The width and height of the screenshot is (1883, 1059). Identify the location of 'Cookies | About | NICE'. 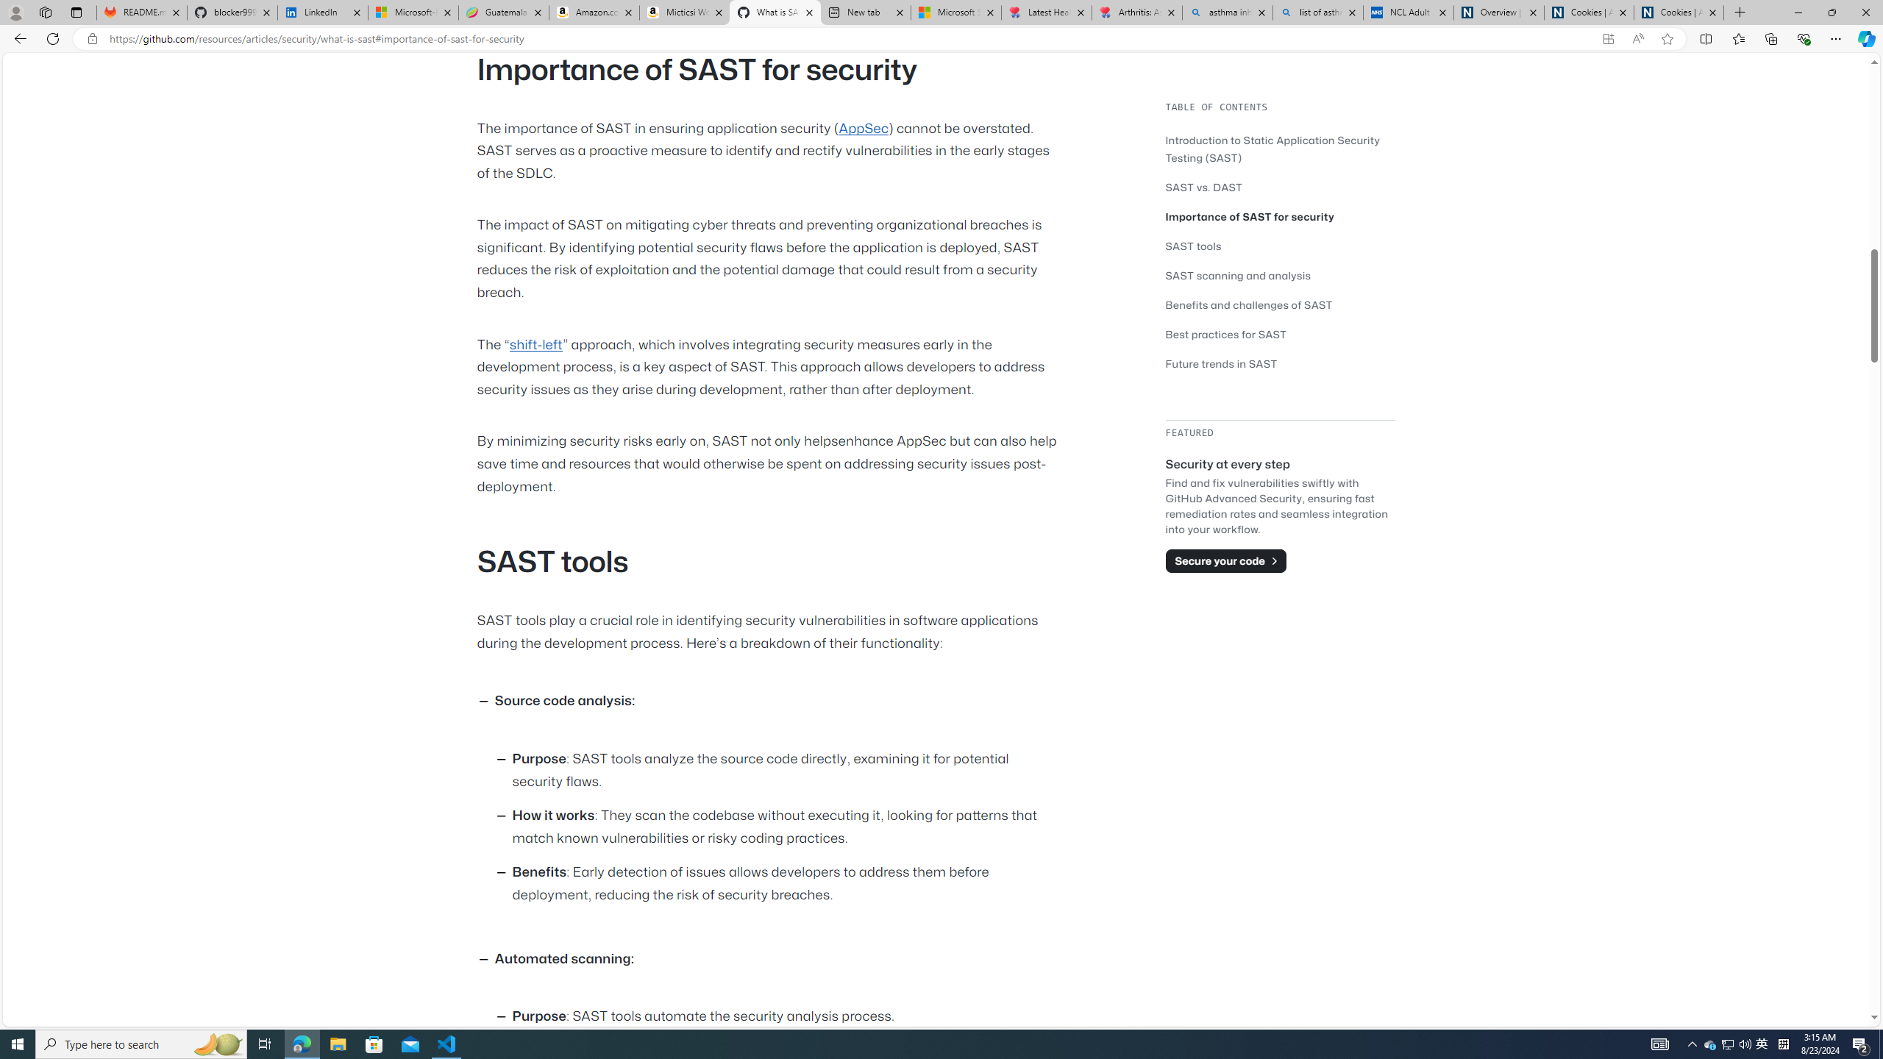
(1679, 12).